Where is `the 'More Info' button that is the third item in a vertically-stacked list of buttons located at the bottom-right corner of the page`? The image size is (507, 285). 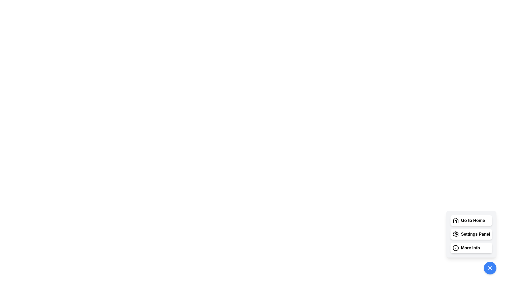
the 'More Info' button that is the third item in a vertically-stacked list of buttons located at the bottom-right corner of the page is located at coordinates (470, 248).